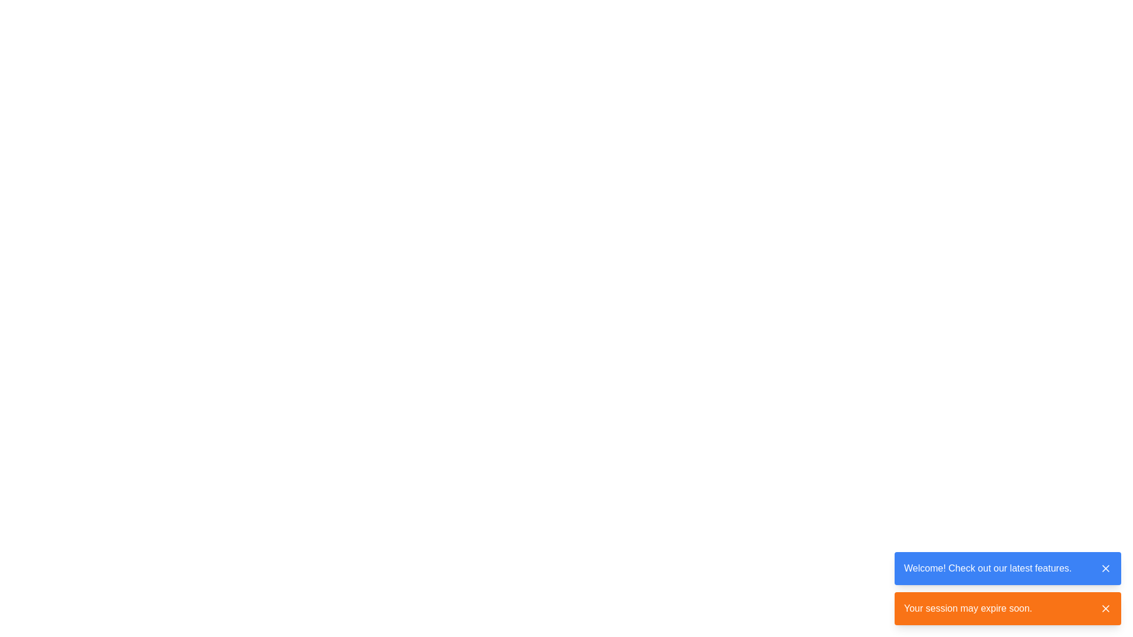 The width and height of the screenshot is (1133, 637). I want to click on the close icon button located at the far right of the orange background rectangle indicating session expiration warning, so click(1105, 609).